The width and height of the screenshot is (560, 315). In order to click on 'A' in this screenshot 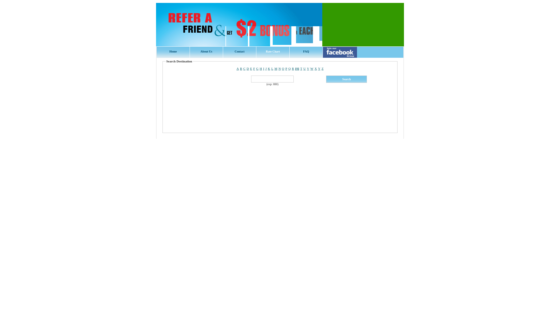, I will do `click(238, 68)`.